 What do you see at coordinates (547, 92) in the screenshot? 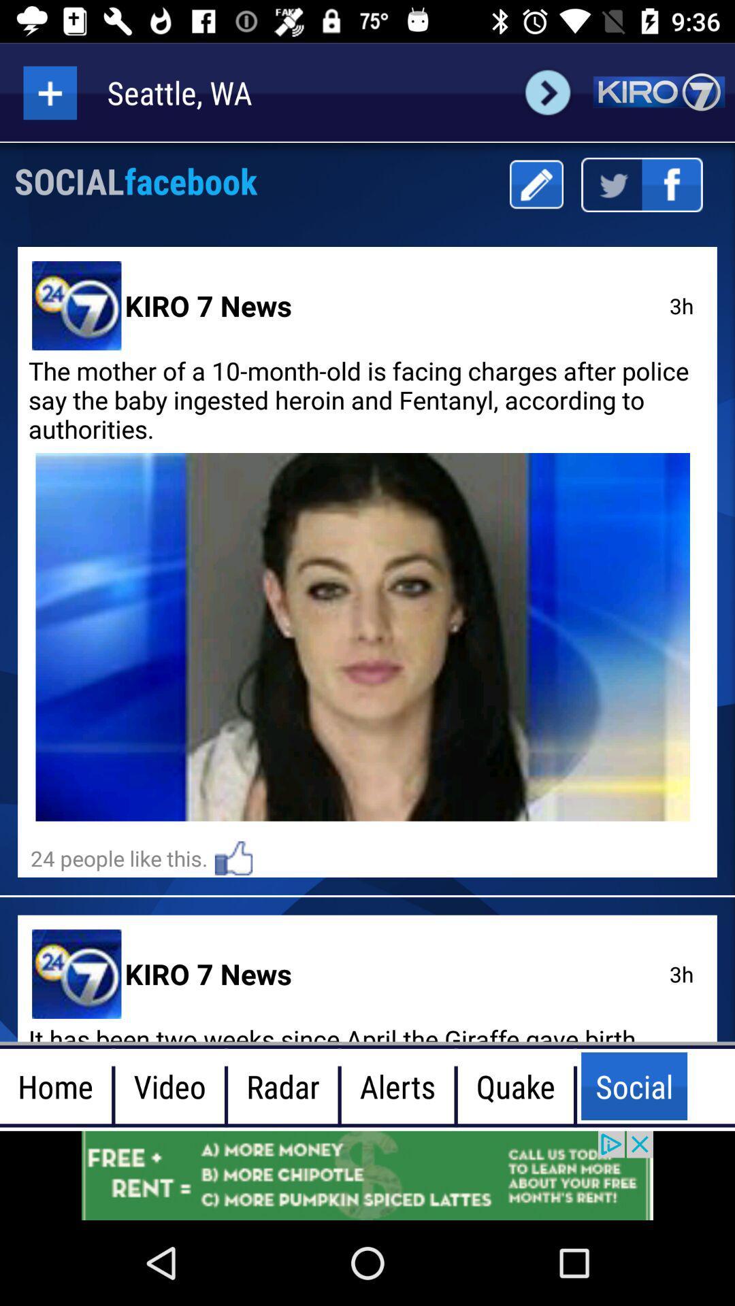
I see `next` at bounding box center [547, 92].